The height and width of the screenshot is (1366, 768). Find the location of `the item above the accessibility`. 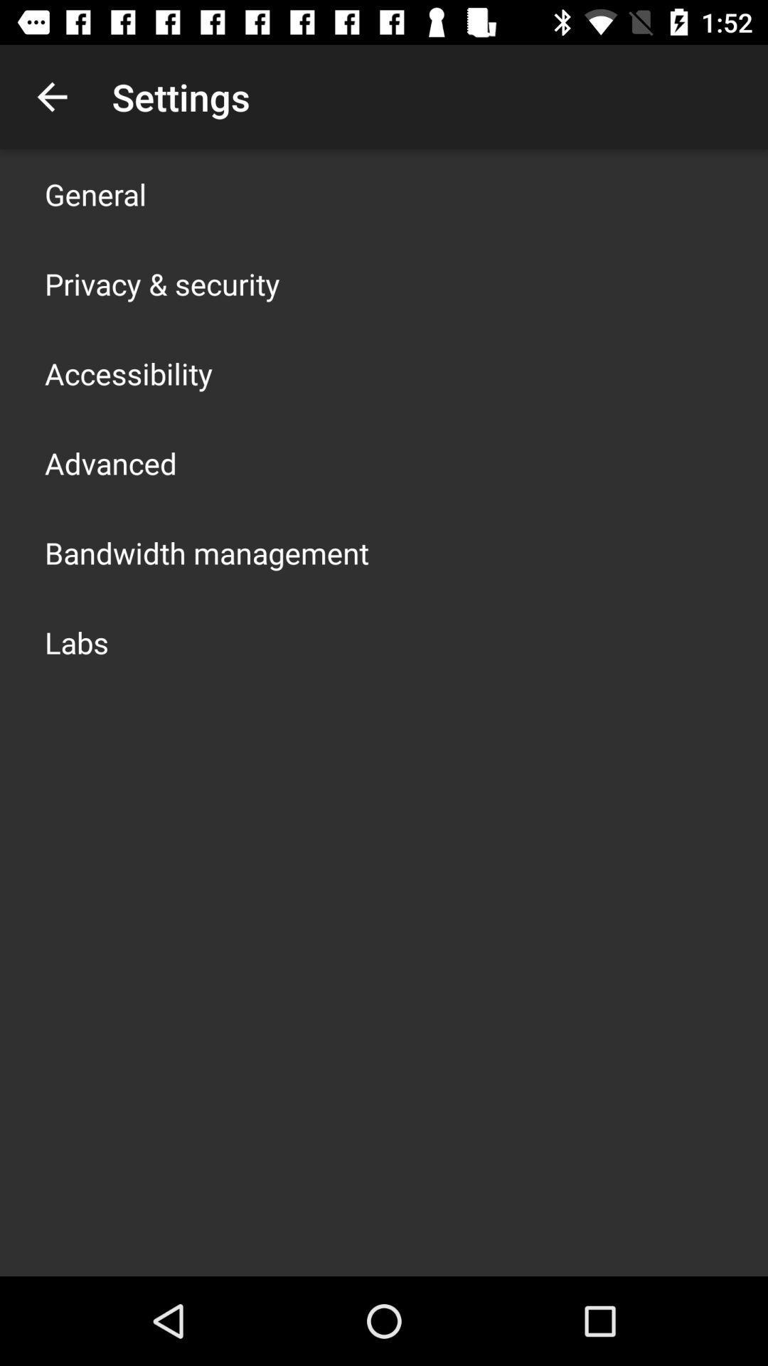

the item above the accessibility is located at coordinates (161, 283).